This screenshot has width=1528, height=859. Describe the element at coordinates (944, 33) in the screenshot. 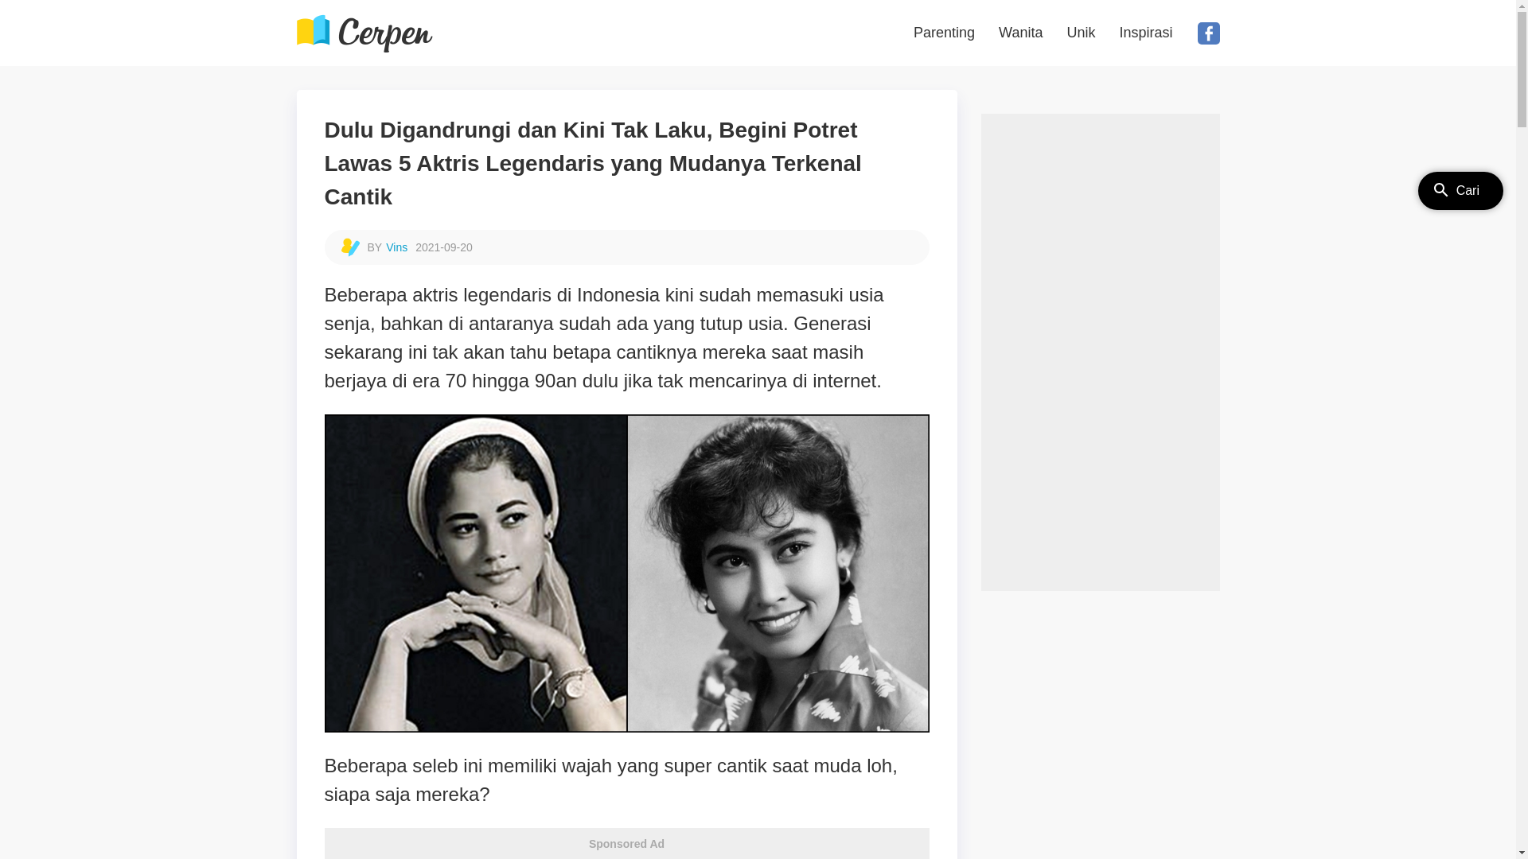

I see `'Parenting'` at that location.